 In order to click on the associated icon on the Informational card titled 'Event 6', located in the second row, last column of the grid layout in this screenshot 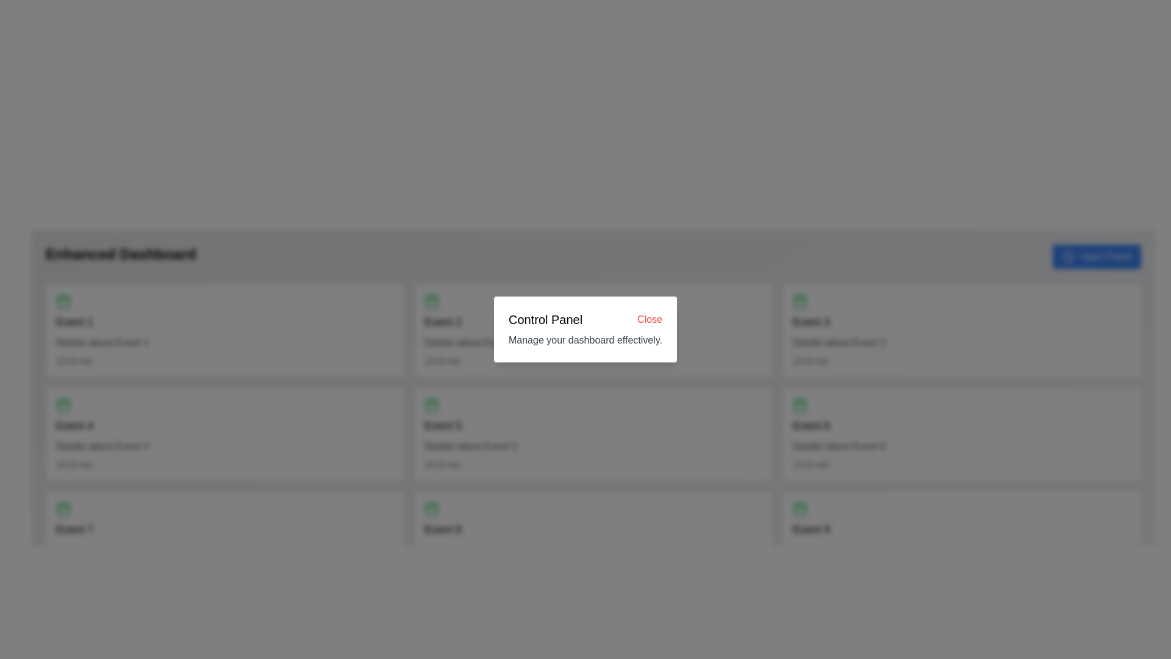, I will do `click(961, 434)`.